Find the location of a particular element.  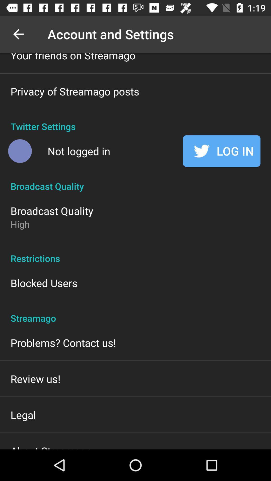

the your friends on icon is located at coordinates (73, 57).